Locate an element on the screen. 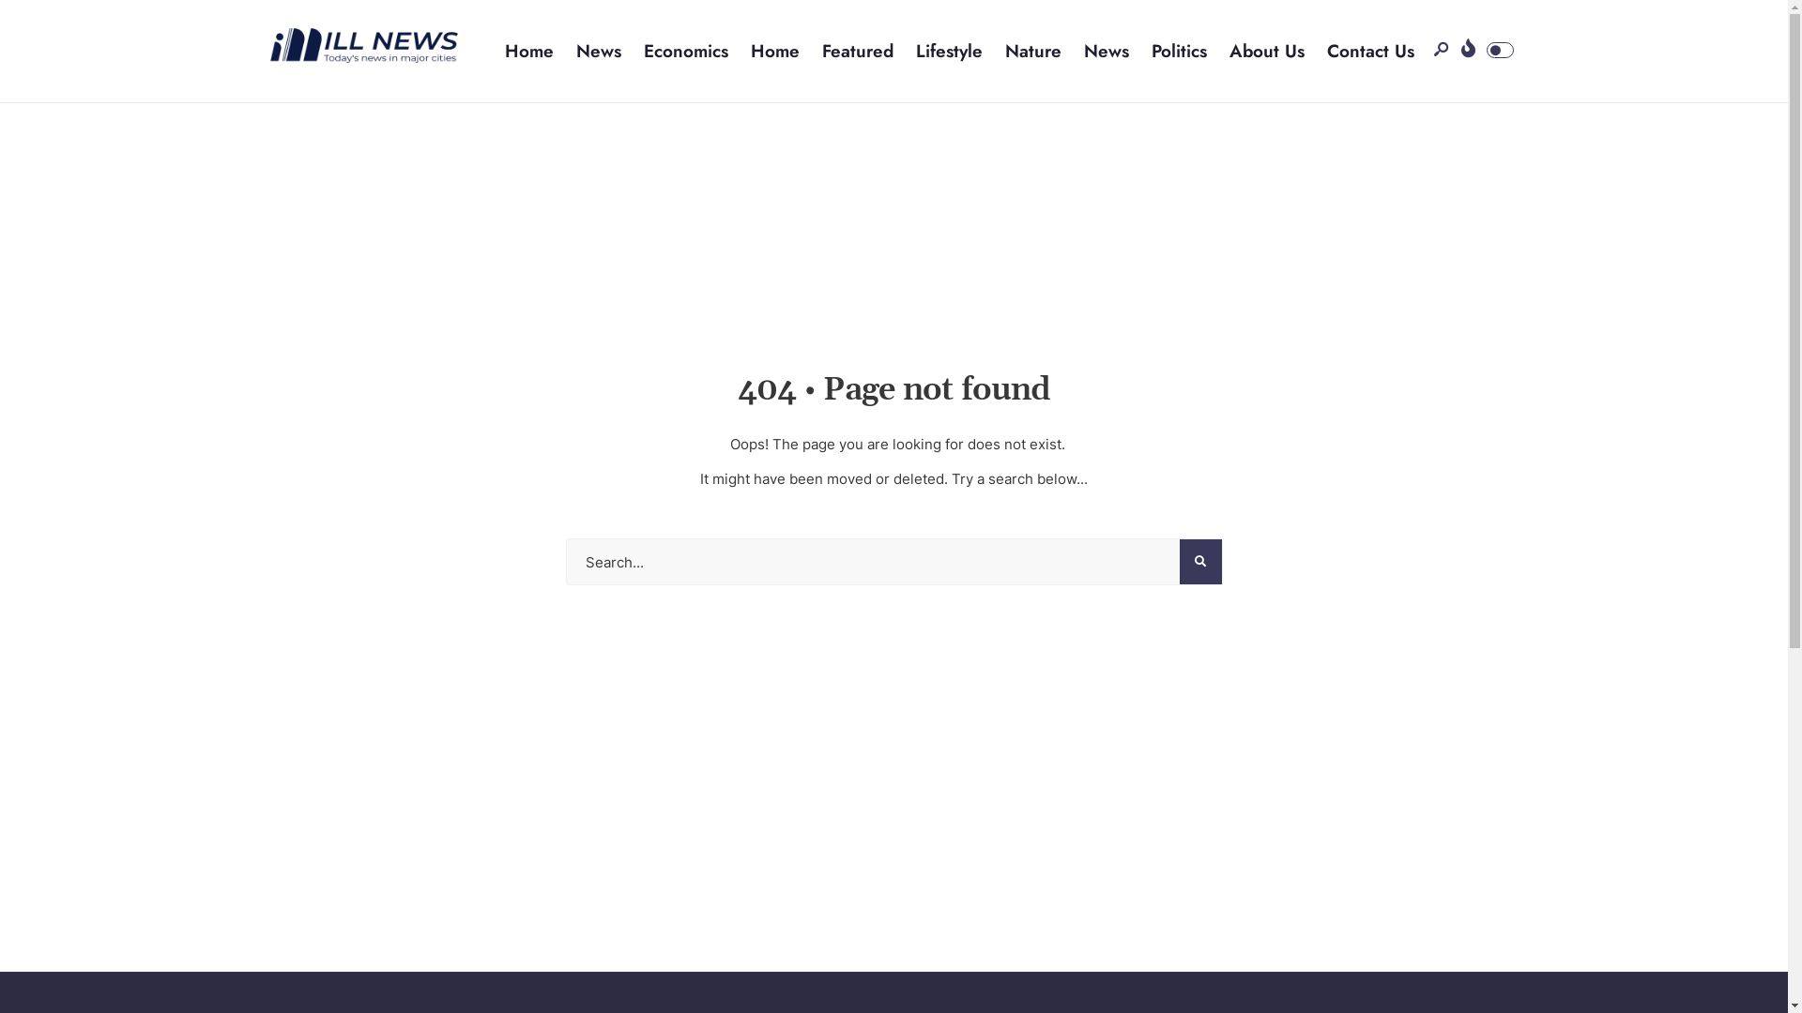  'Lifestyle' is located at coordinates (949, 50).